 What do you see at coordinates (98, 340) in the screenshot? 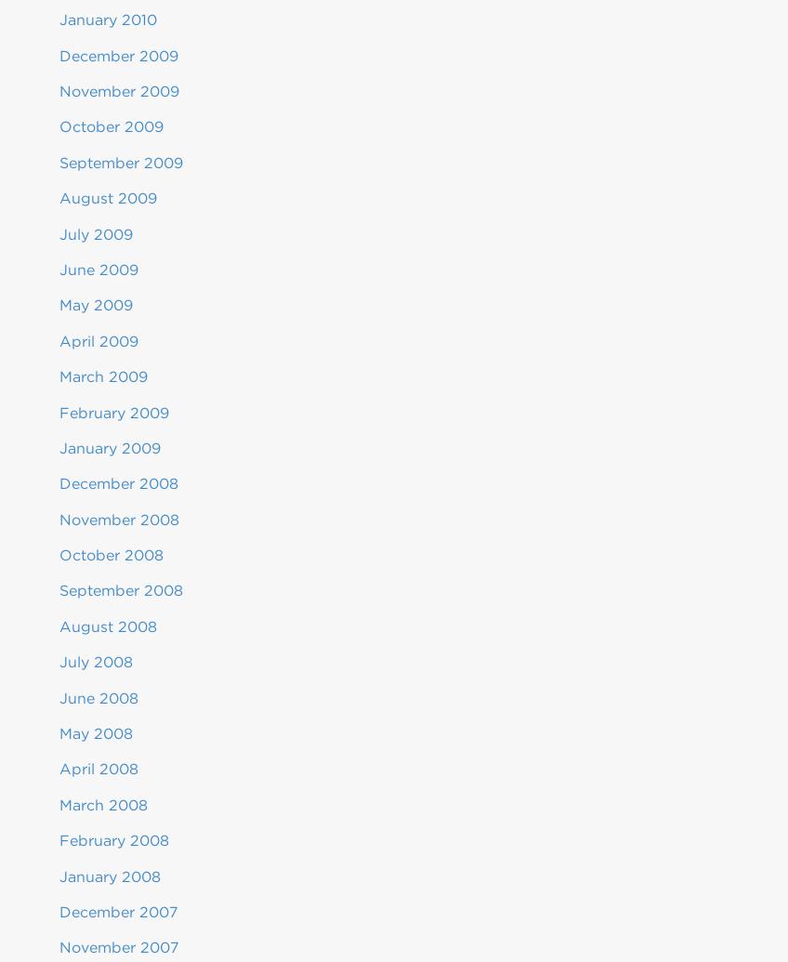
I see `'April 2009'` at bounding box center [98, 340].